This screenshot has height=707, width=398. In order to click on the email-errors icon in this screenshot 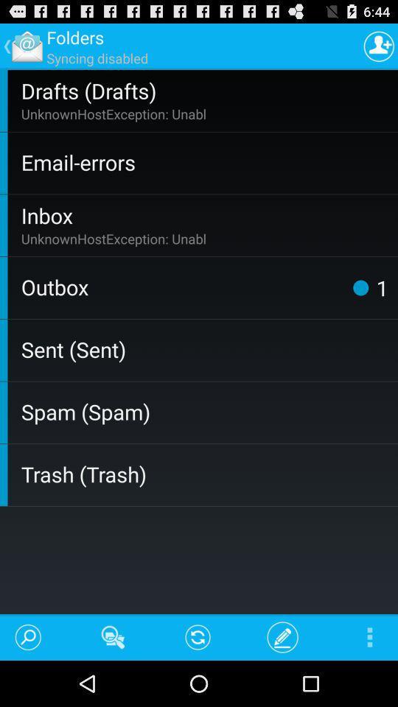, I will do `click(206, 161)`.